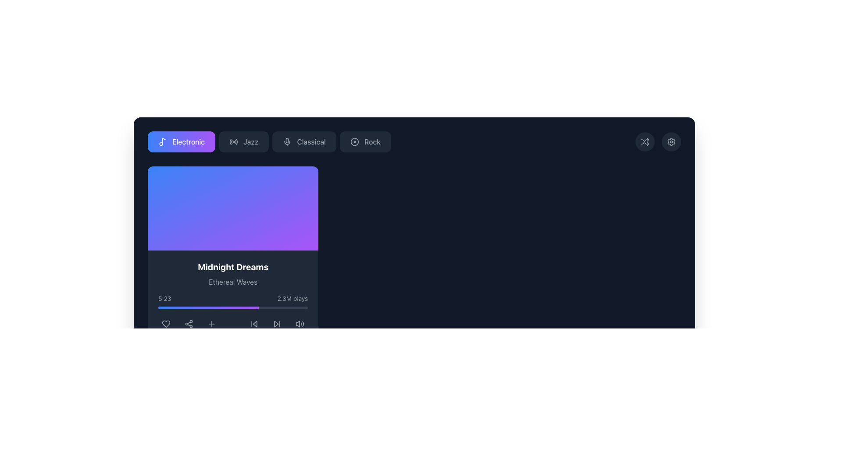 This screenshot has height=473, width=842. I want to click on the share icon located centrally in the horizontal menu at the bottom of the media playback card, so click(189, 324).